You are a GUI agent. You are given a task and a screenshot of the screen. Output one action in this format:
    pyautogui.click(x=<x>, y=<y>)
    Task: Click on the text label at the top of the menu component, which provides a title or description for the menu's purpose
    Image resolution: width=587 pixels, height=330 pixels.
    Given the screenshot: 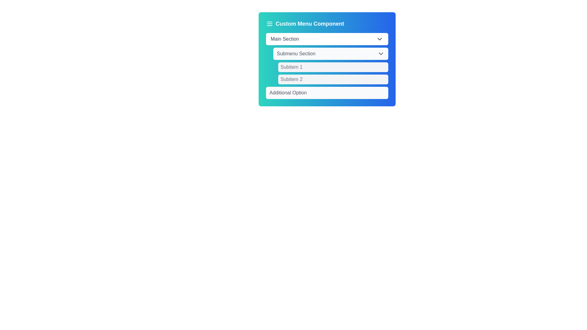 What is the action you would take?
    pyautogui.click(x=327, y=23)
    